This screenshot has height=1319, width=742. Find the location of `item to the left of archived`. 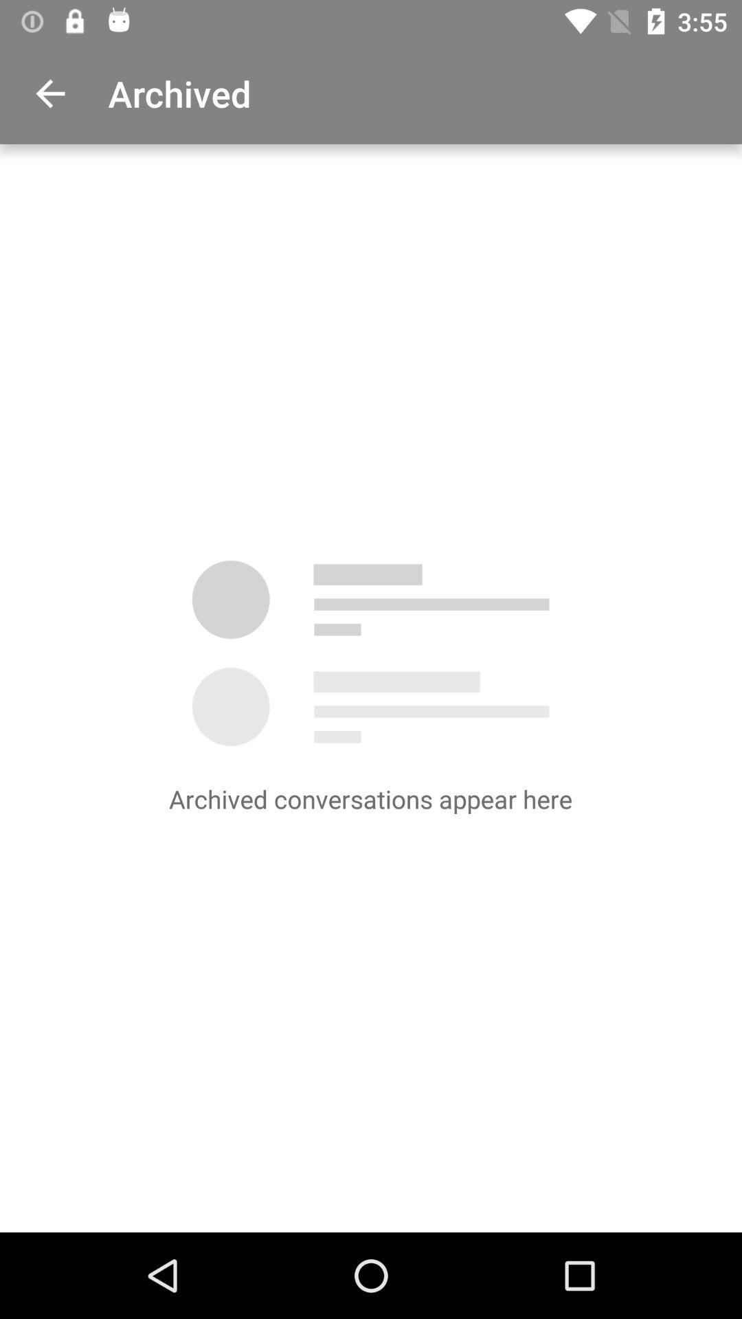

item to the left of archived is located at coordinates (49, 93).